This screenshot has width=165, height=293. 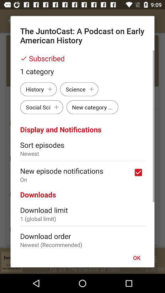 What do you see at coordinates (82, 58) in the screenshot?
I see `subscribed icon` at bounding box center [82, 58].